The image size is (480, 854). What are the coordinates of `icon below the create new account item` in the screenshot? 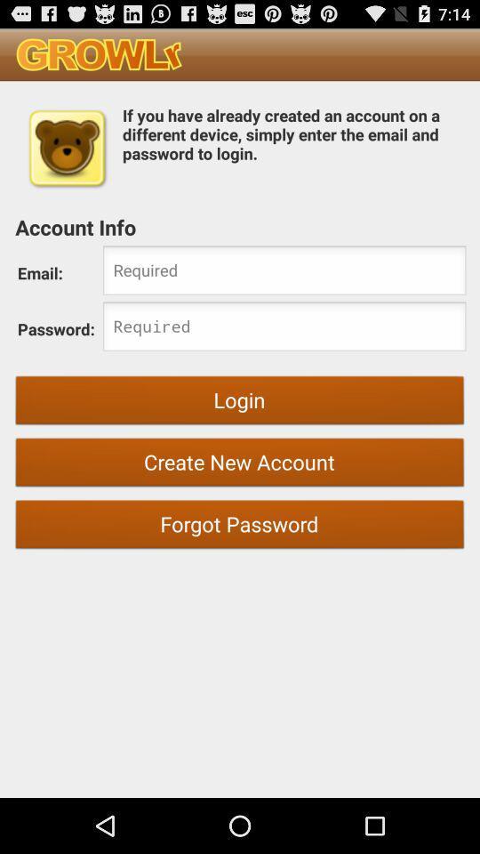 It's located at (240, 527).